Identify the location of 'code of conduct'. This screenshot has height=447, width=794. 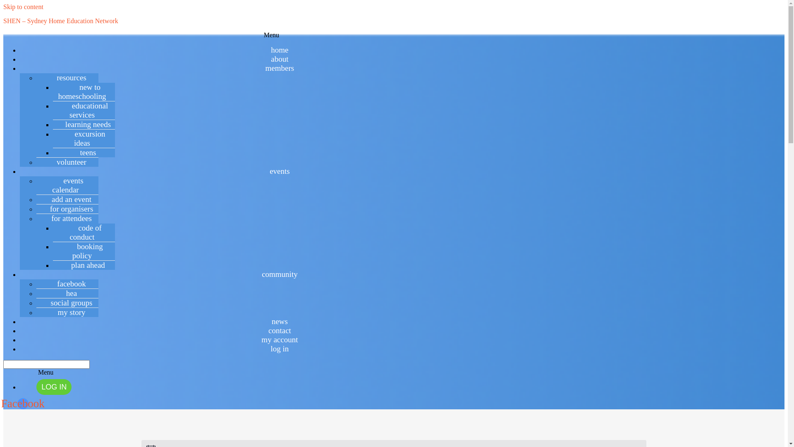
(84, 232).